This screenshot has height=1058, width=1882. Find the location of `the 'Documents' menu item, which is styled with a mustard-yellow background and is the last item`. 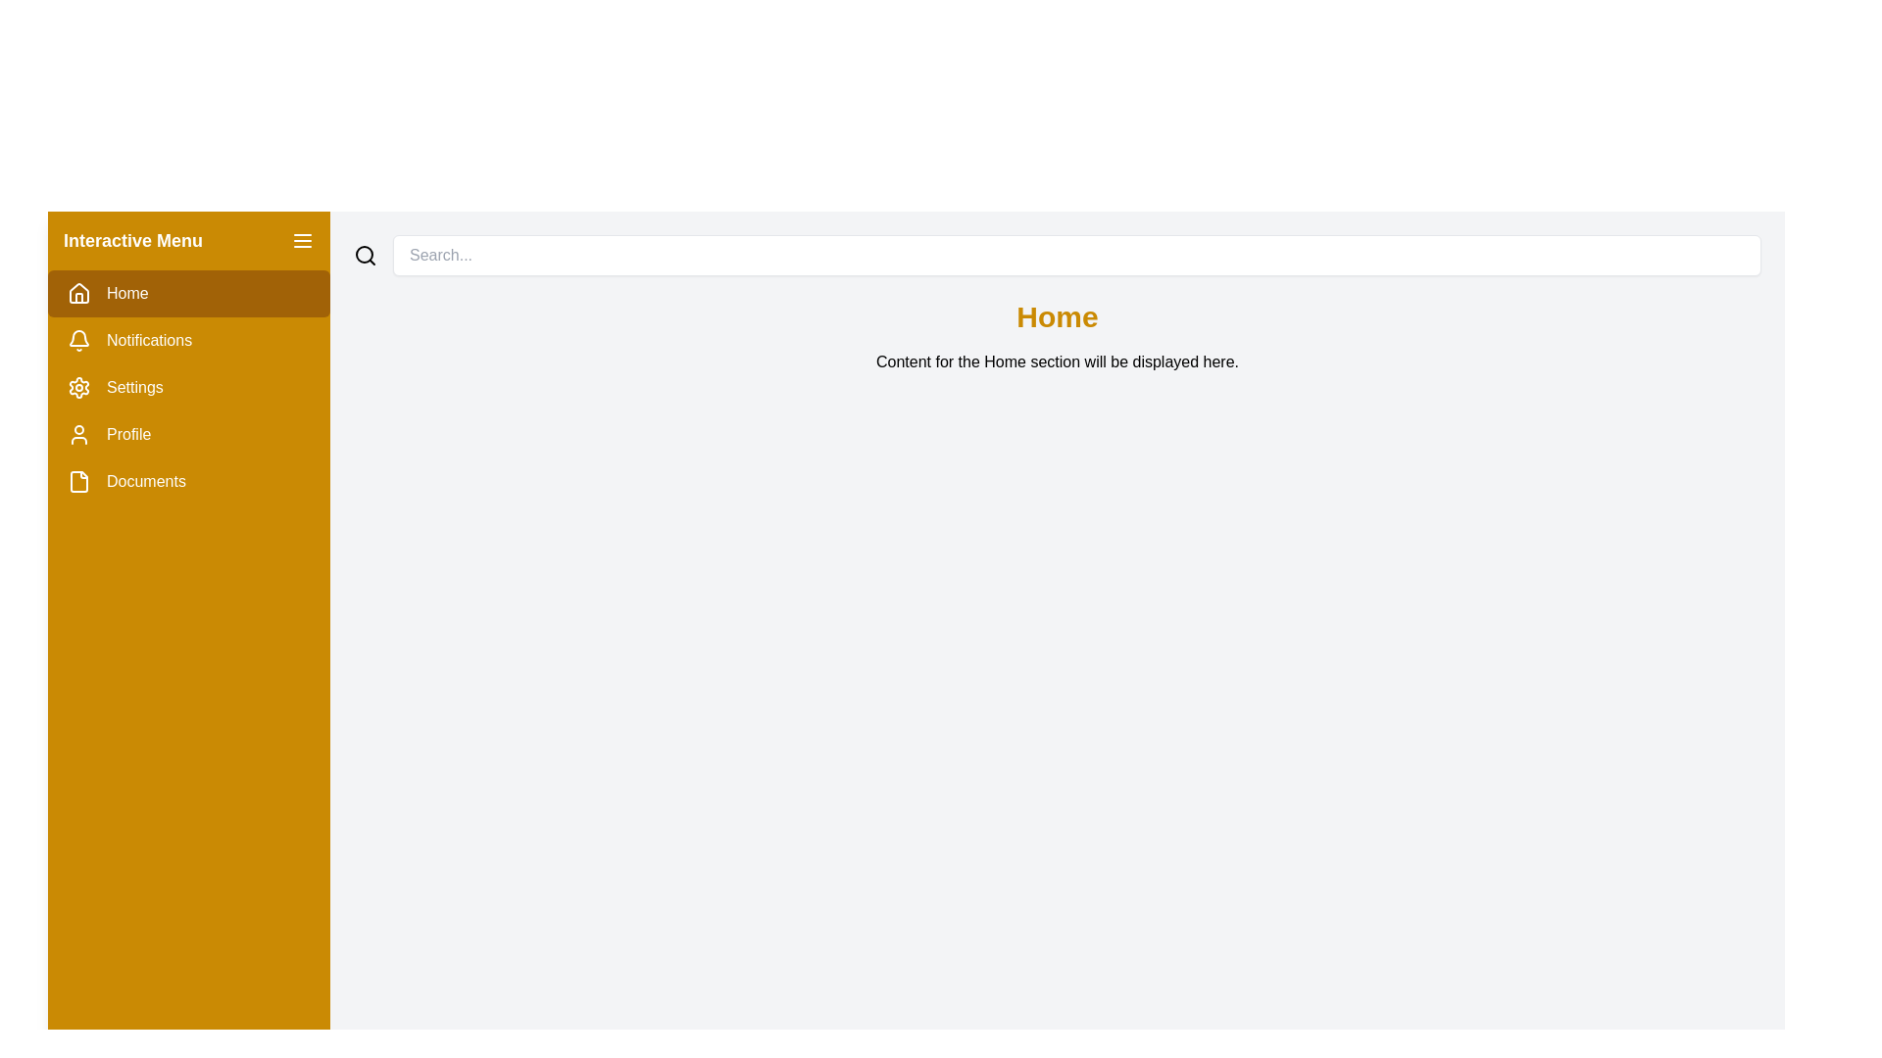

the 'Documents' menu item, which is styled with a mustard-yellow background and is the last item is located at coordinates (188, 482).